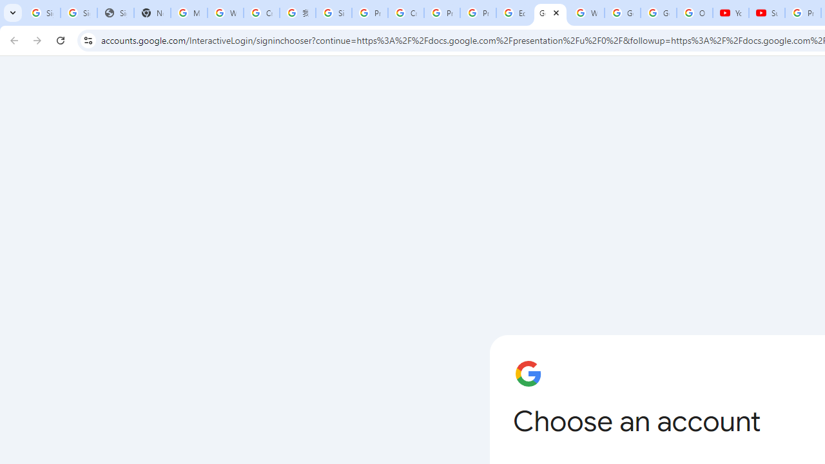  I want to click on 'New Tab', so click(152, 13).